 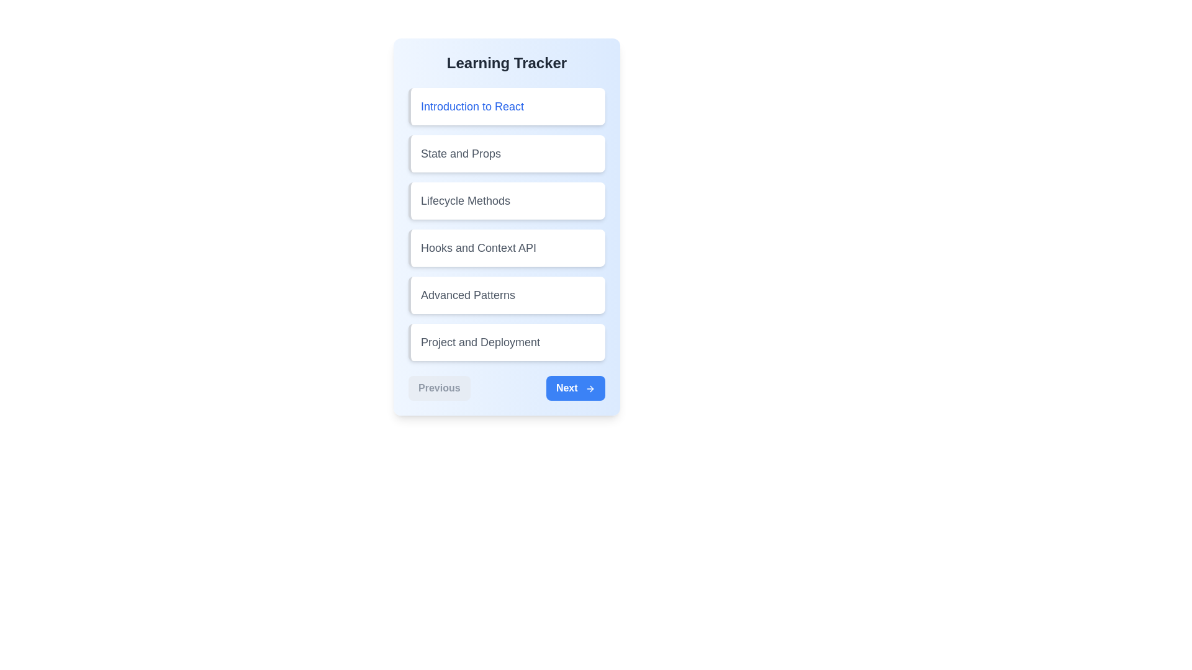 What do you see at coordinates (574, 387) in the screenshot?
I see `the 'Next' button to navigate to the next lesson` at bounding box center [574, 387].